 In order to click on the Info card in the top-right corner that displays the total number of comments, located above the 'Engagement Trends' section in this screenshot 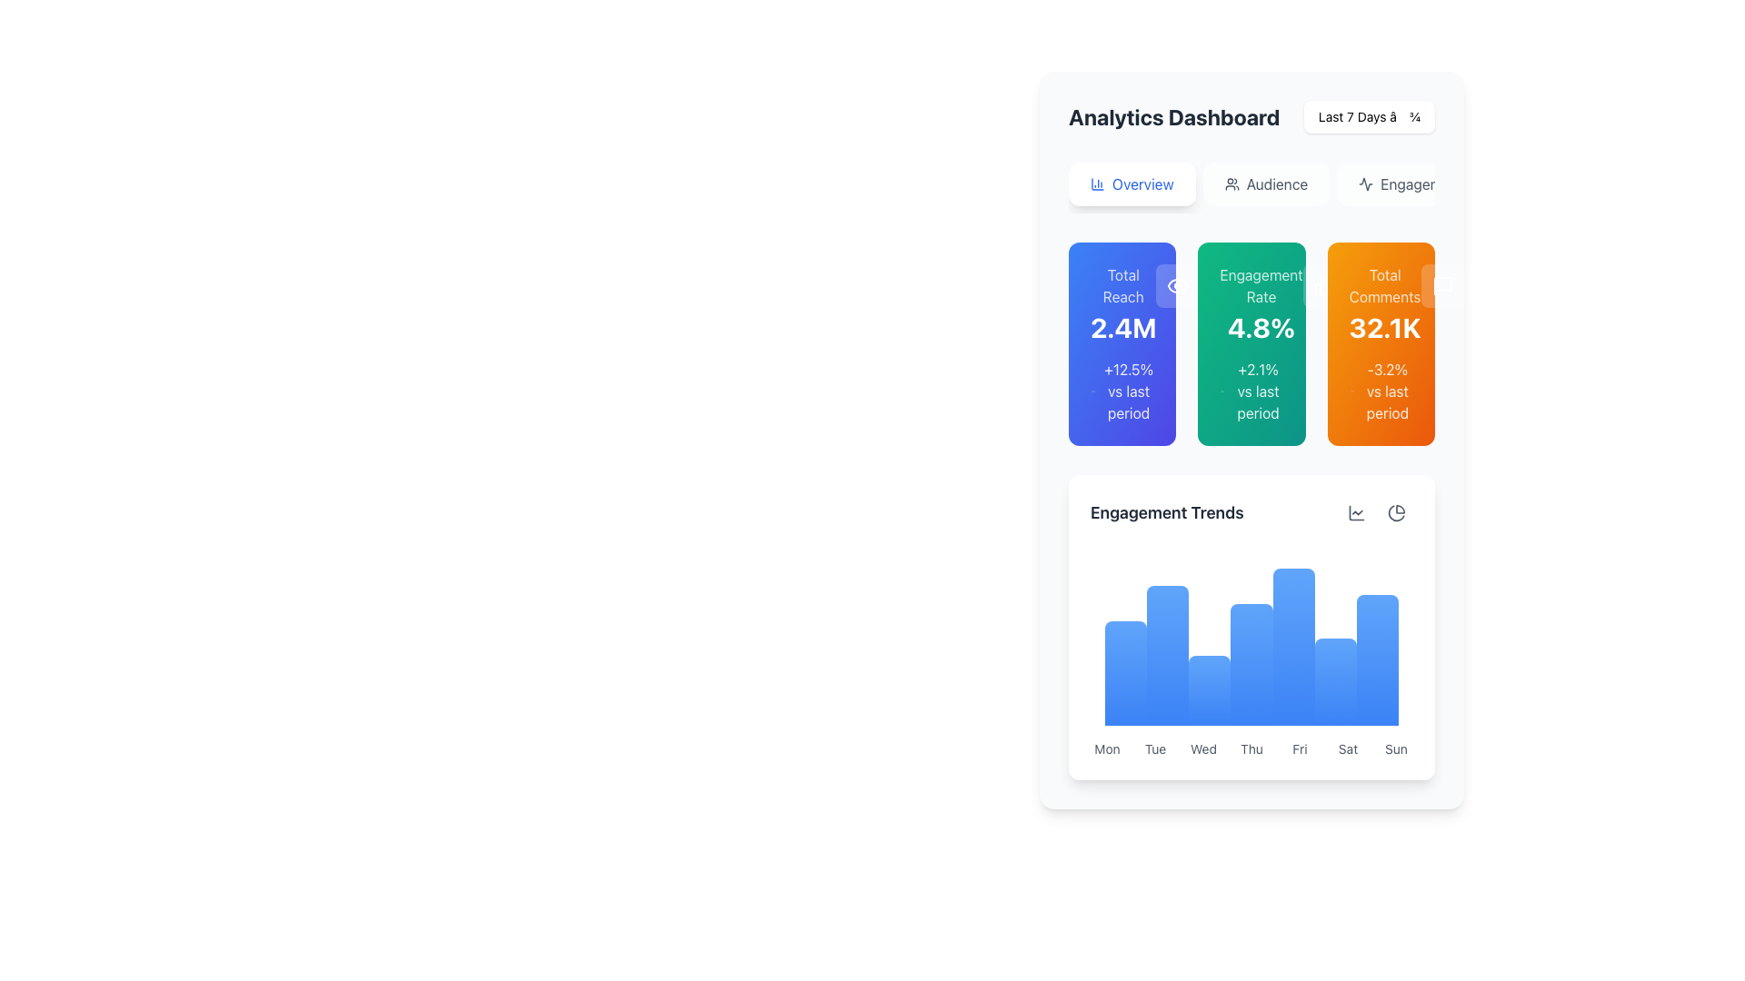, I will do `click(1384, 303)`.